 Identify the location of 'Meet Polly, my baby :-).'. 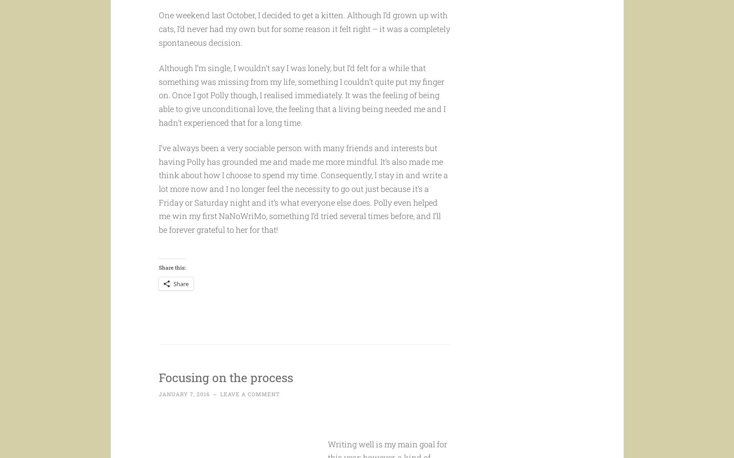
(199, 6).